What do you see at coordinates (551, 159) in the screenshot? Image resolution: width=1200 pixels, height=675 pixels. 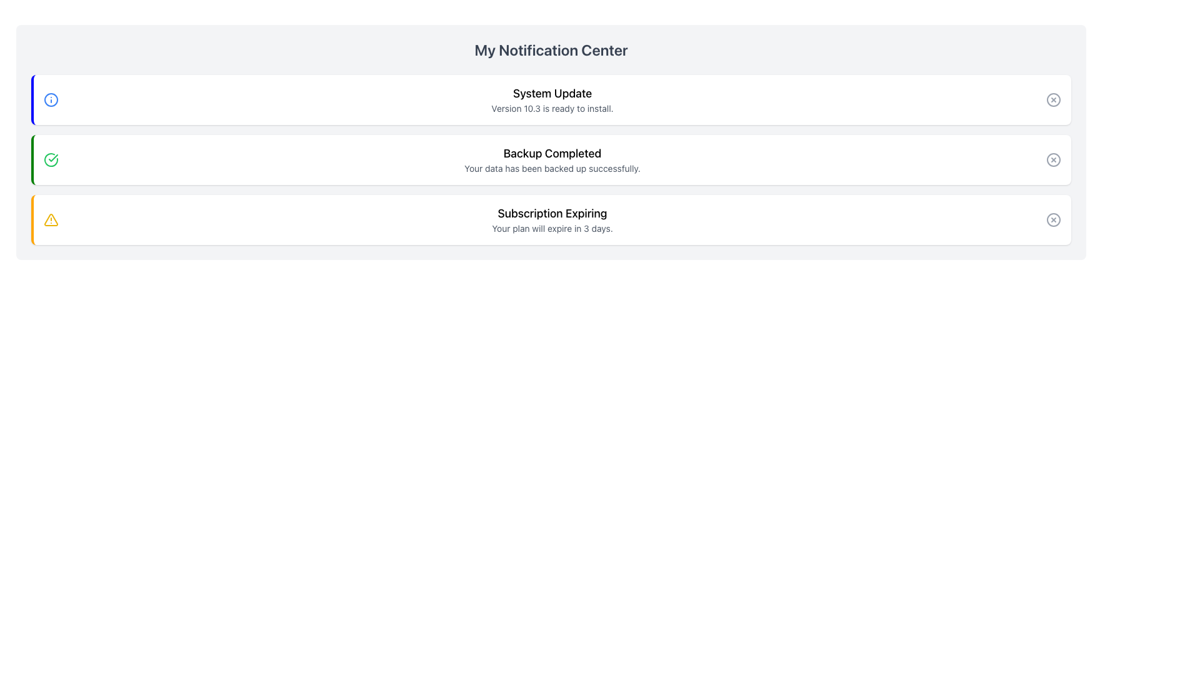 I see `the notification message indicating successful data backup, located between 'System Update' and 'Subscription Expiring' notifications` at bounding box center [551, 159].